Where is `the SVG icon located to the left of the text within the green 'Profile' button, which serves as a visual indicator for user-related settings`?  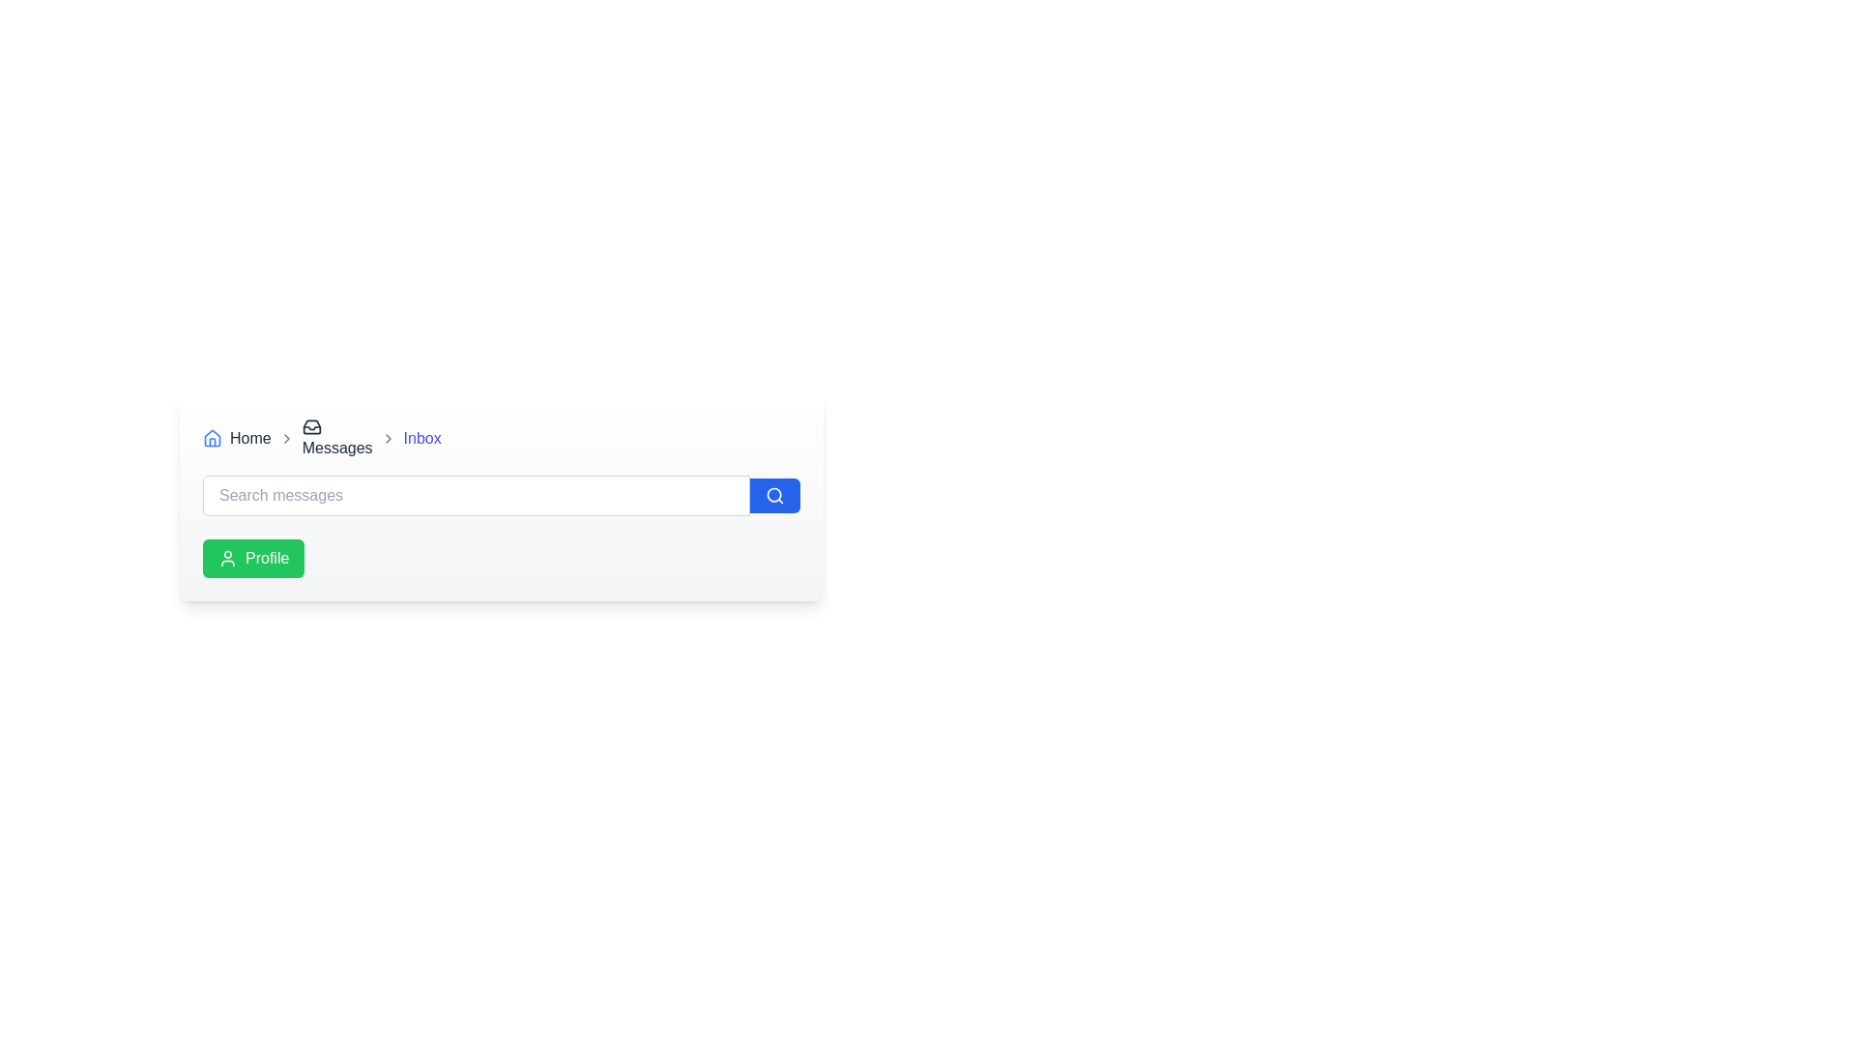
the SVG icon located to the left of the text within the green 'Profile' button, which serves as a visual indicator for user-related settings is located at coordinates (227, 559).